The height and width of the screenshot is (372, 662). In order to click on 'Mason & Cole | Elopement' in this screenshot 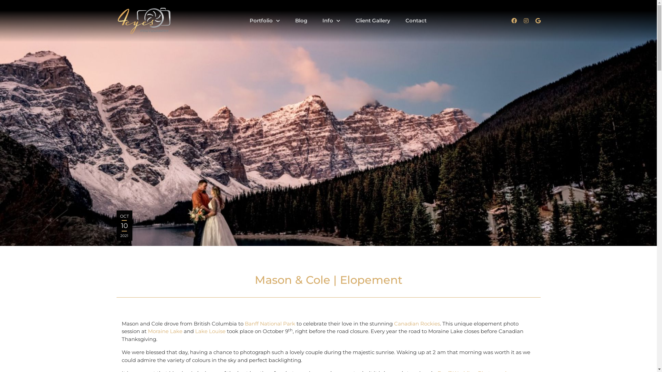, I will do `click(328, 123)`.